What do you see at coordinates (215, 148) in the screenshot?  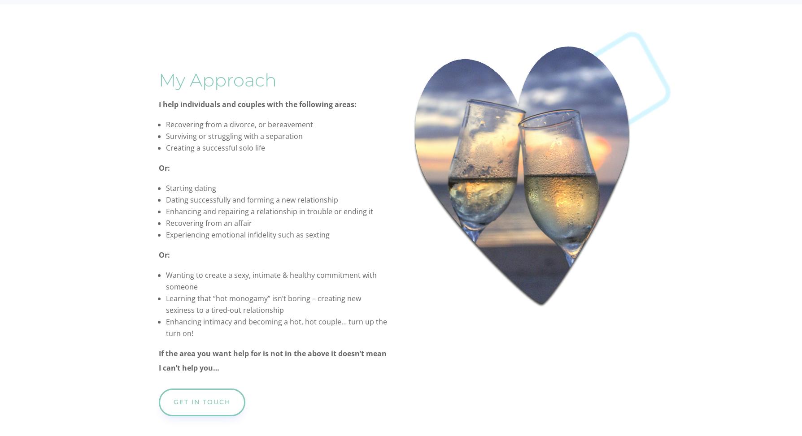 I see `'Creating a successful solo life'` at bounding box center [215, 148].